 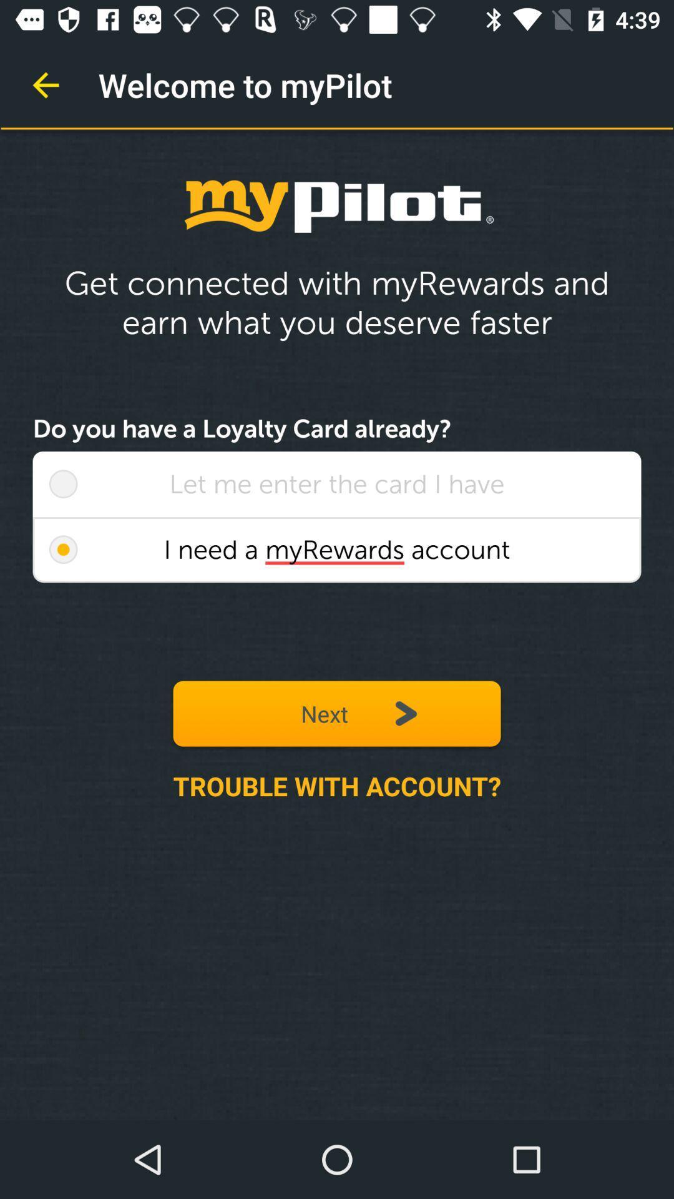 I want to click on the icon above i need a item, so click(x=63, y=483).